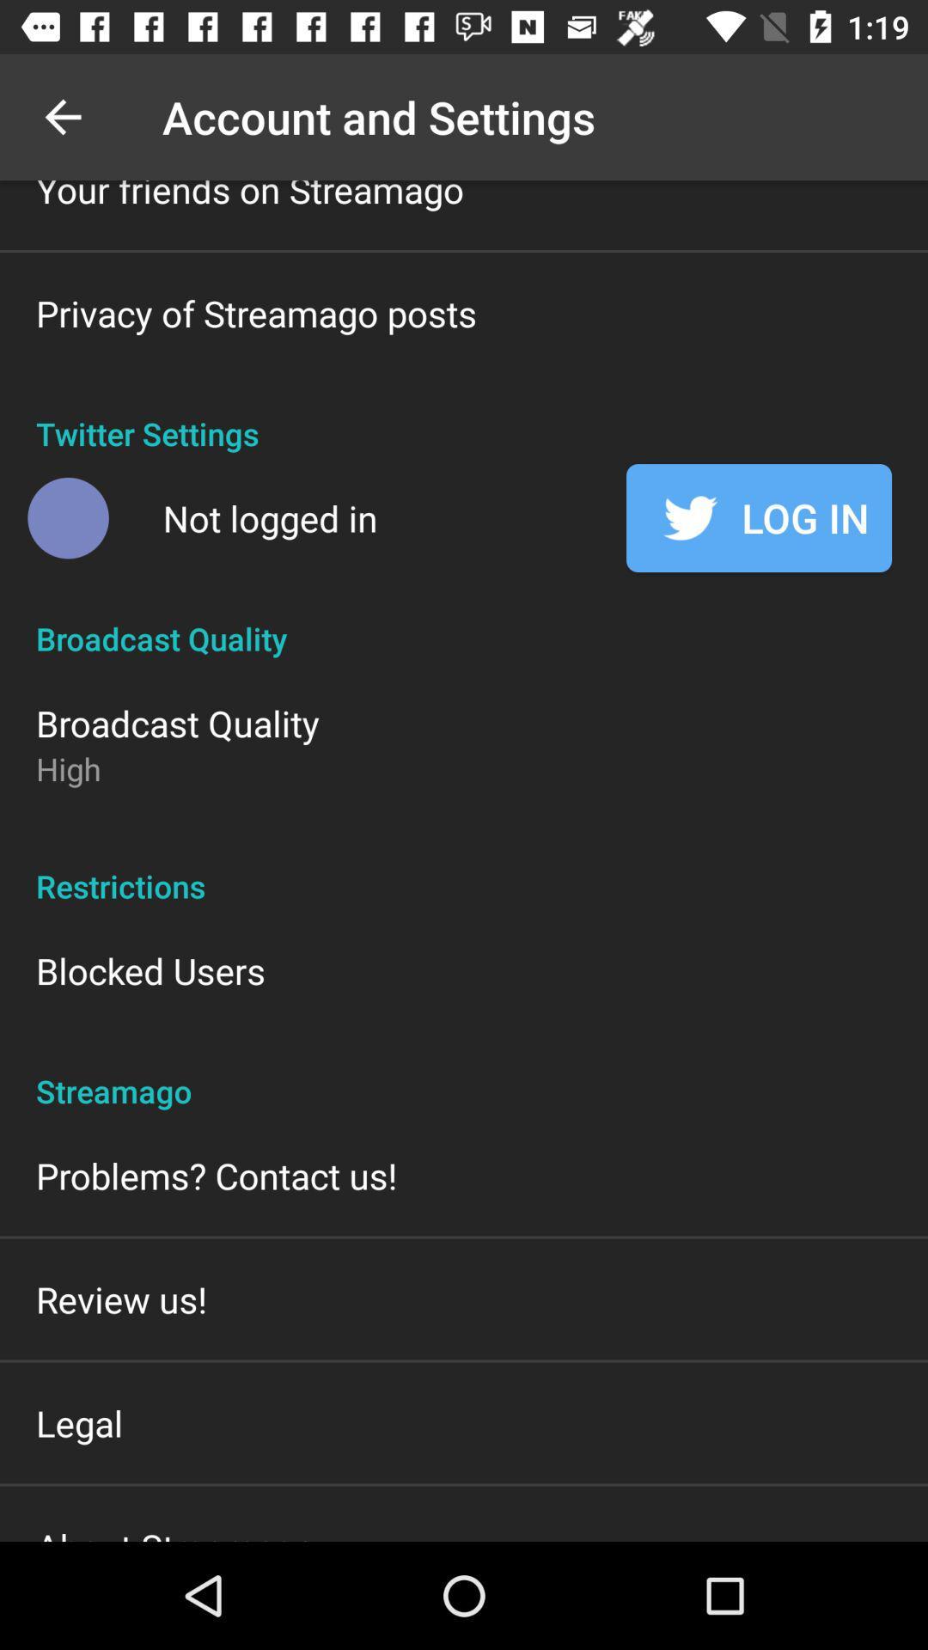  Describe the element at coordinates (62, 116) in the screenshot. I see `the icon next to account and settings icon` at that location.